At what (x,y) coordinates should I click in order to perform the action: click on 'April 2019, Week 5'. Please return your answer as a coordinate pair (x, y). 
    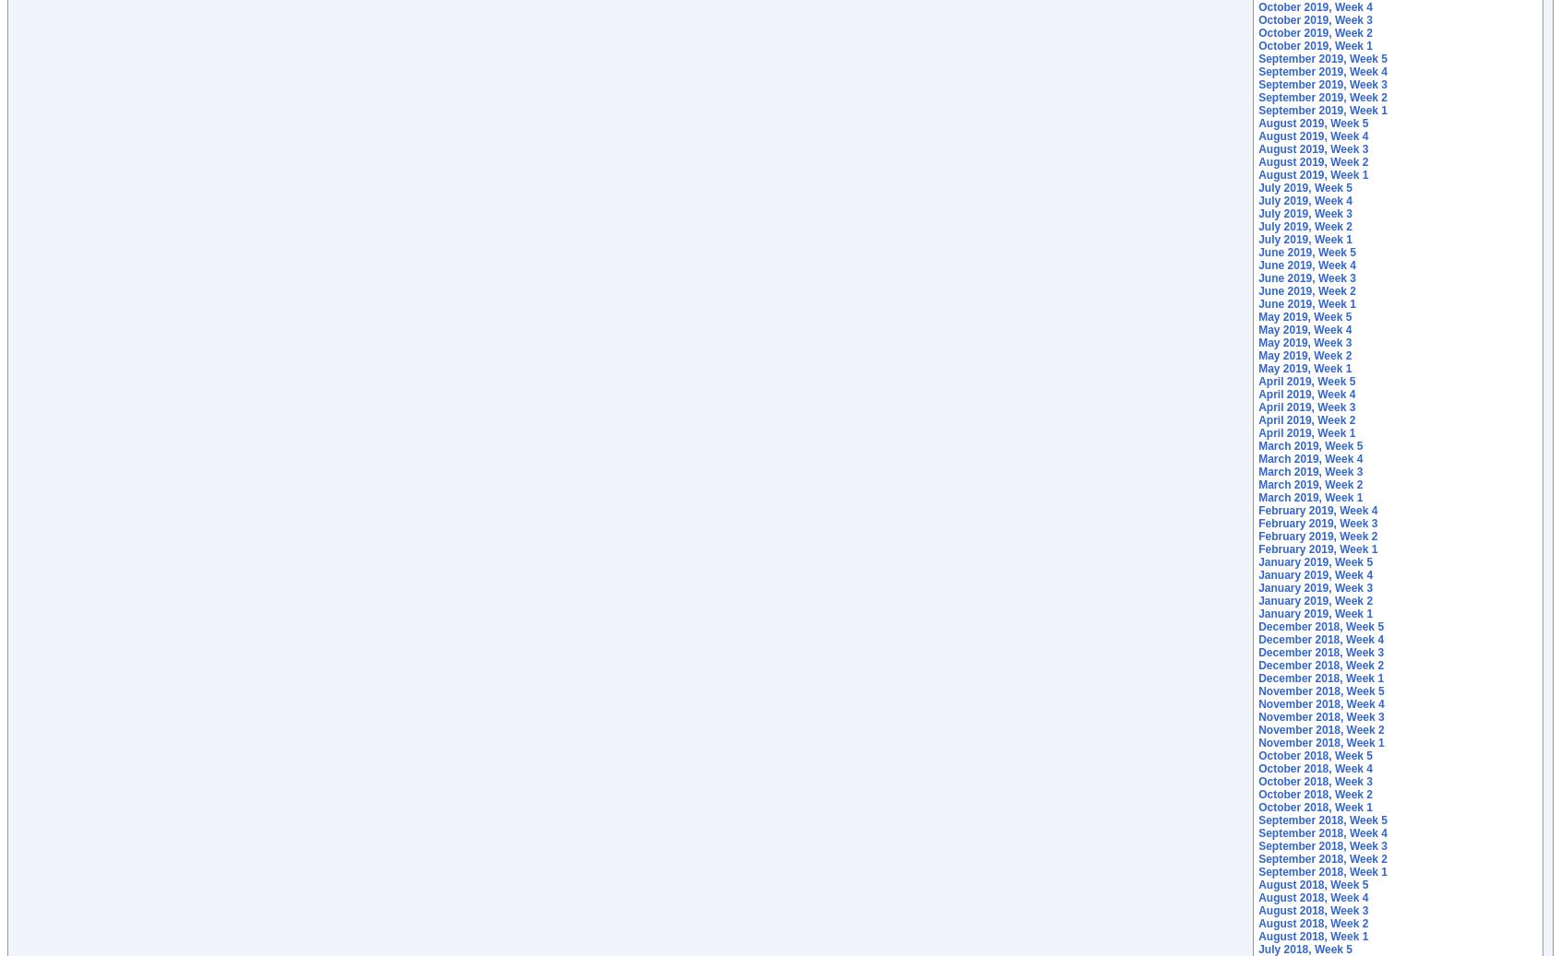
    Looking at the image, I should click on (1257, 380).